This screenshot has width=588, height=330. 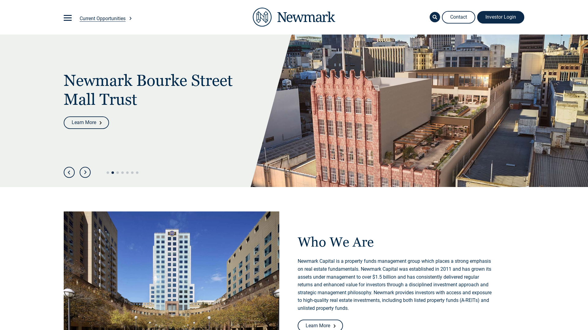 I want to click on 'Investor Login', so click(x=501, y=17).